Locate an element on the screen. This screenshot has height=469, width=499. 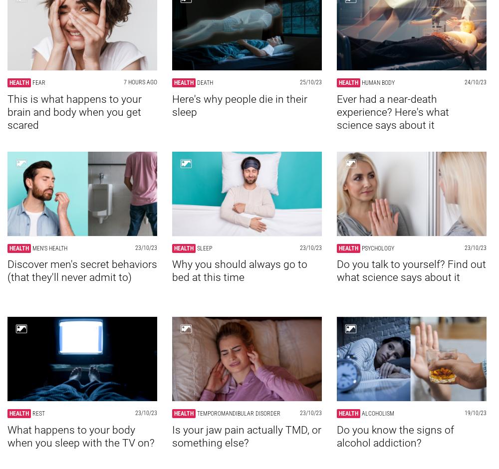
'Alcoholism' is located at coordinates (378, 413).